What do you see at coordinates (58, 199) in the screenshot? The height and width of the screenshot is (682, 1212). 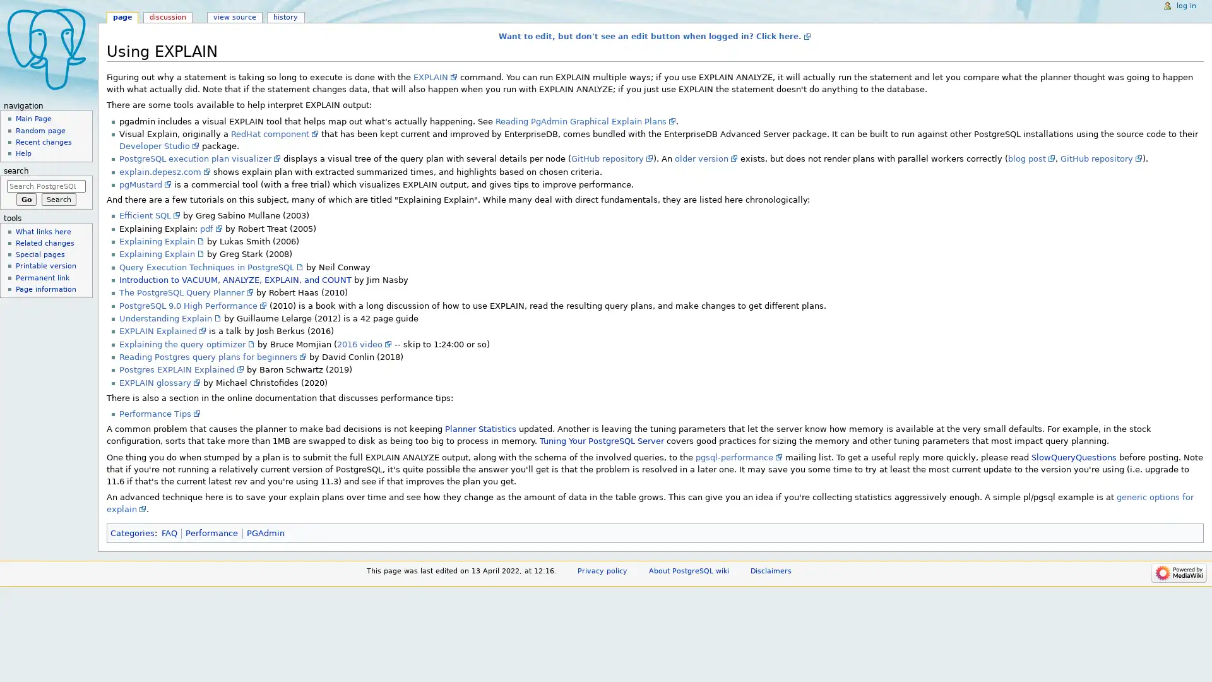 I see `Search` at bounding box center [58, 199].